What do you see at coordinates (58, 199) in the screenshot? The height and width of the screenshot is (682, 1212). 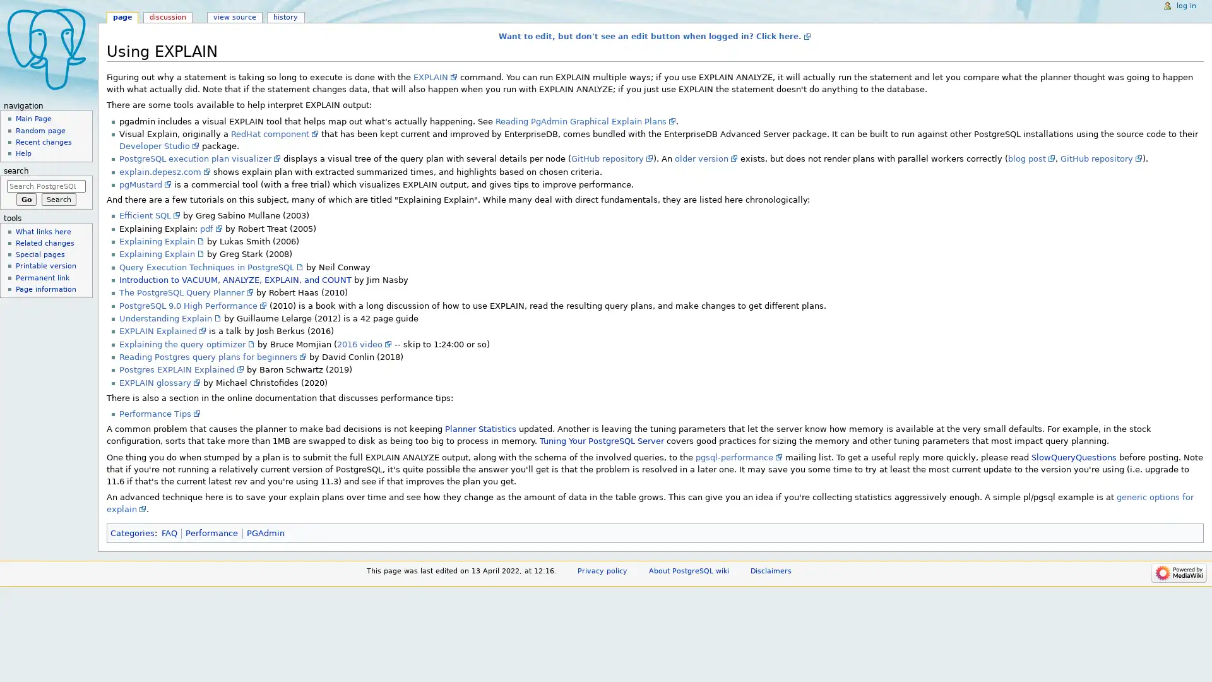 I see `Search` at bounding box center [58, 199].